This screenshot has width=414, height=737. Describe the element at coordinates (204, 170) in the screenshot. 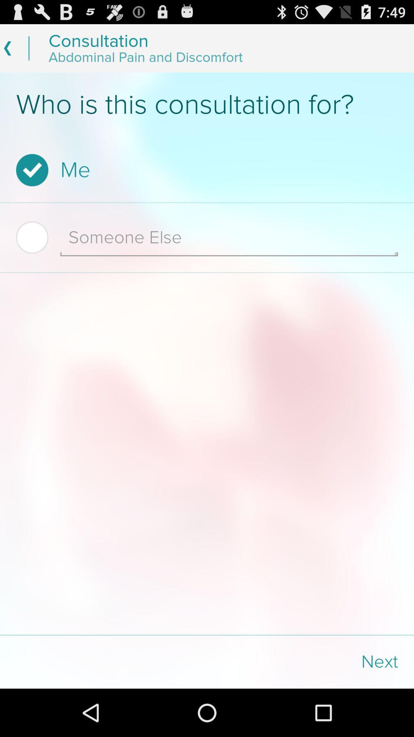

I see `the me checkbox` at that location.